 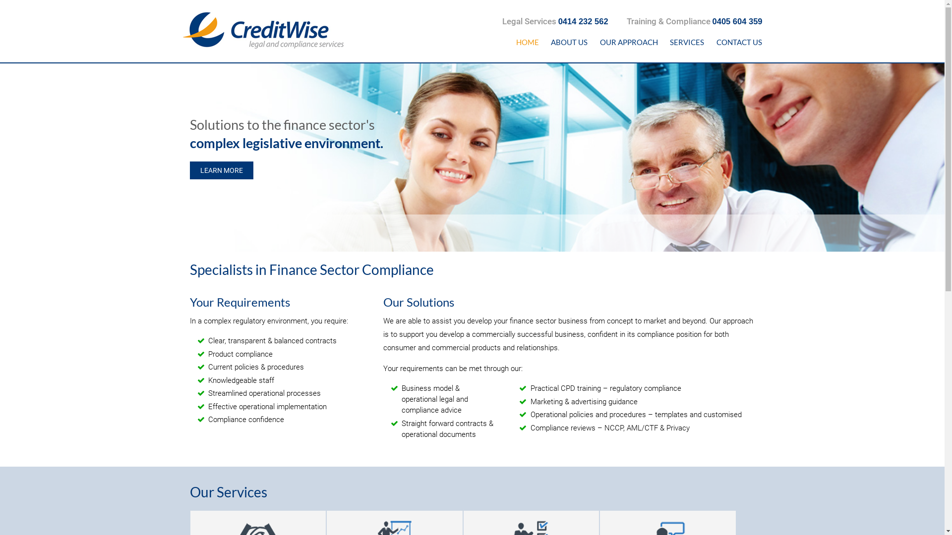 What do you see at coordinates (527, 42) in the screenshot?
I see `'HOME'` at bounding box center [527, 42].